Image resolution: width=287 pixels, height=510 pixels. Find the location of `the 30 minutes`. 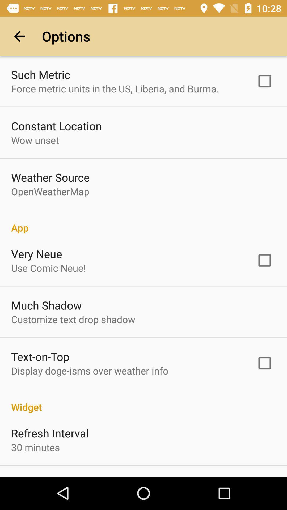

the 30 minutes is located at coordinates (35, 447).